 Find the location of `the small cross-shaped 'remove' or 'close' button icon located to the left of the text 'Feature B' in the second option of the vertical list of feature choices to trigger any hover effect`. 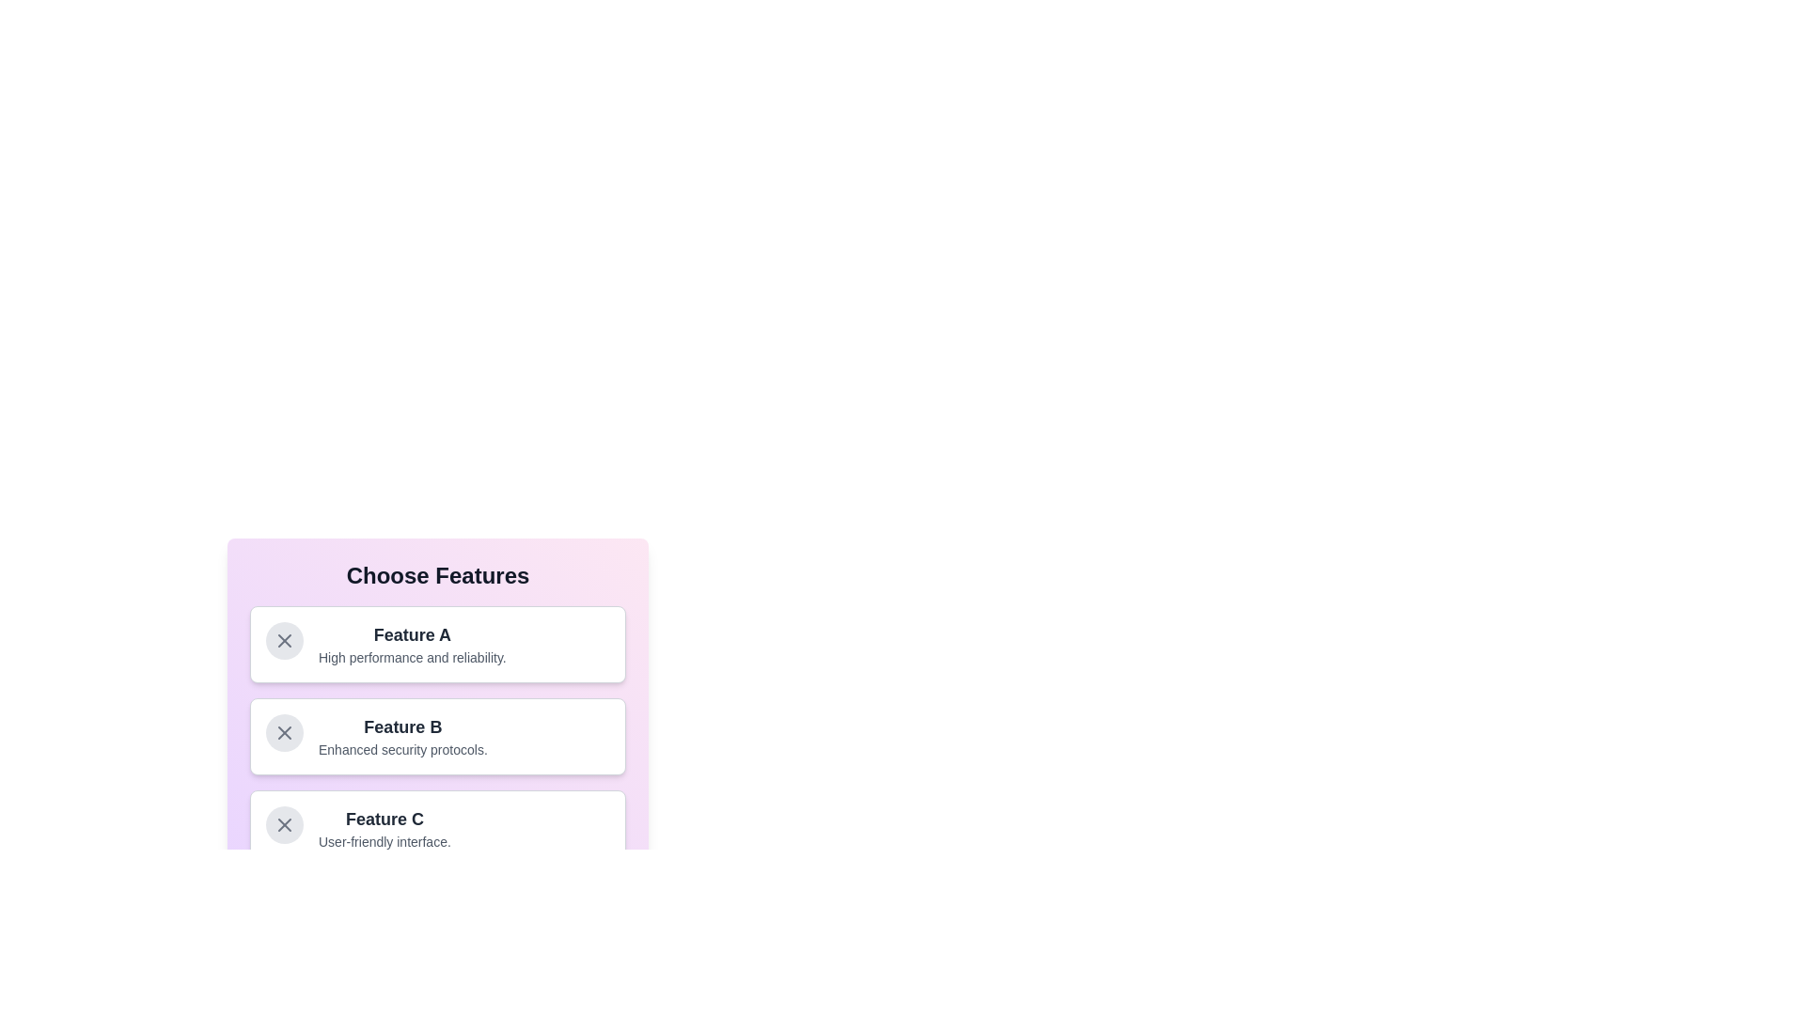

the small cross-shaped 'remove' or 'close' button icon located to the left of the text 'Feature B' in the second option of the vertical list of feature choices to trigger any hover effect is located at coordinates (283, 731).